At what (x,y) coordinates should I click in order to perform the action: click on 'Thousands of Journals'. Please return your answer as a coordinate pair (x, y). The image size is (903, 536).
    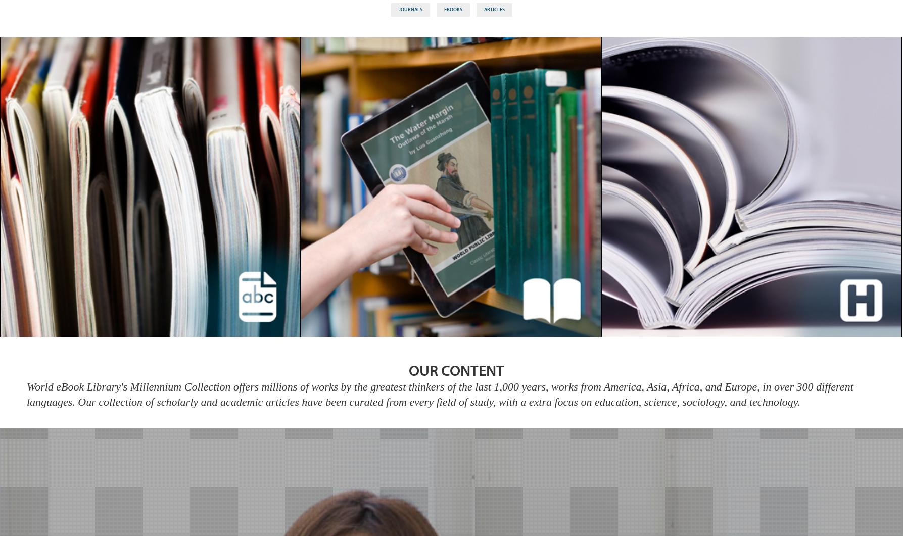
    Looking at the image, I should click on (149, 191).